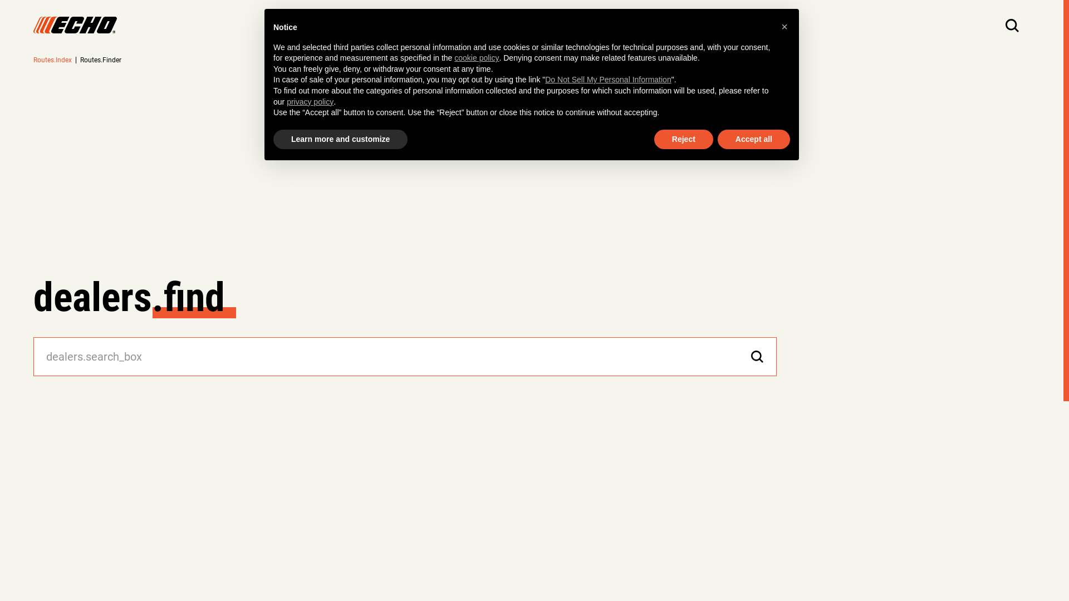  What do you see at coordinates (74, 25) in the screenshot?
I see `'header.logo_alt'` at bounding box center [74, 25].